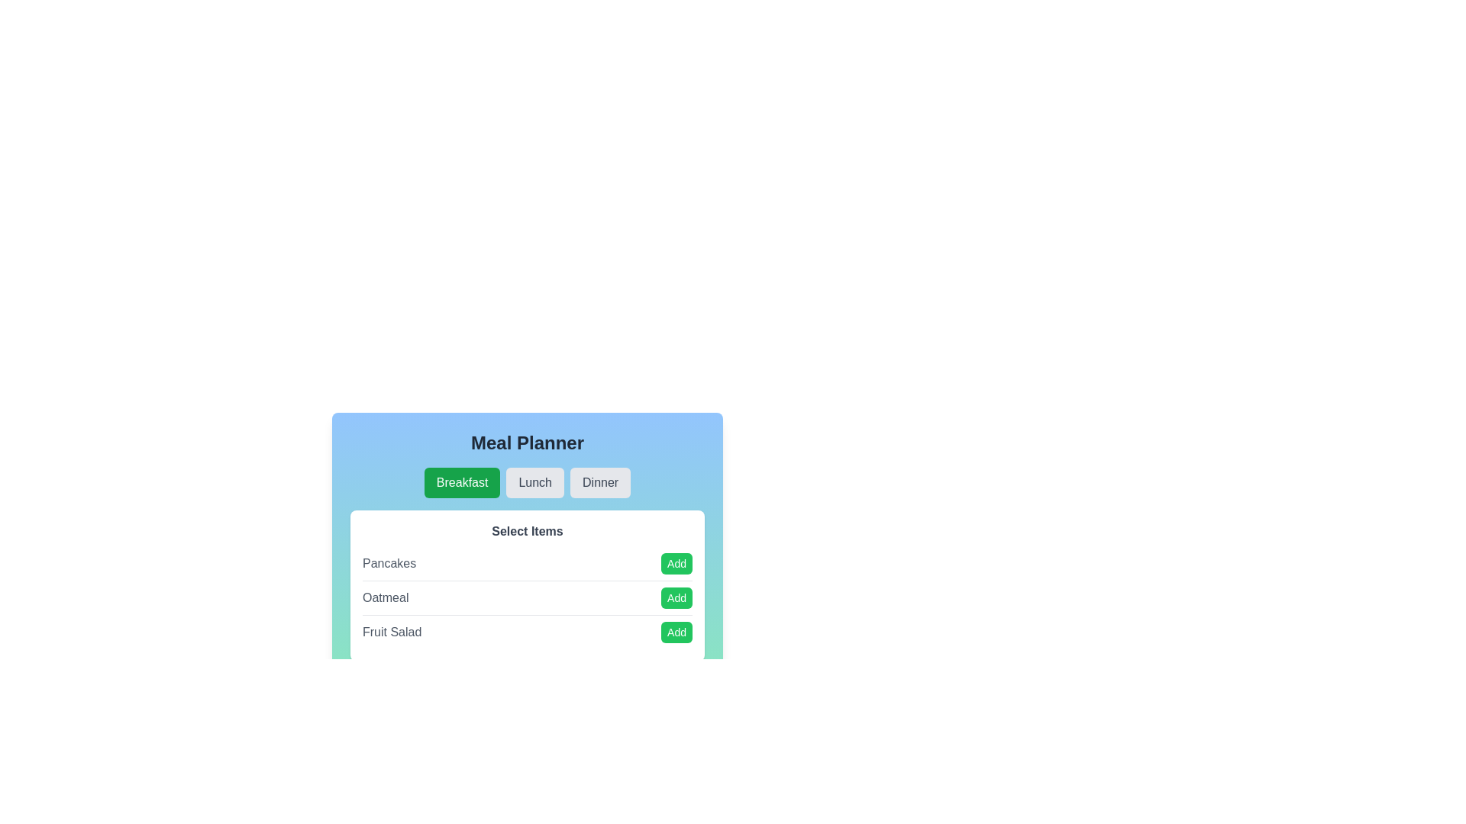 The height and width of the screenshot is (824, 1466). What do you see at coordinates (528, 587) in the screenshot?
I see `the meal options display interface located below the 'Meal Planner' title` at bounding box center [528, 587].